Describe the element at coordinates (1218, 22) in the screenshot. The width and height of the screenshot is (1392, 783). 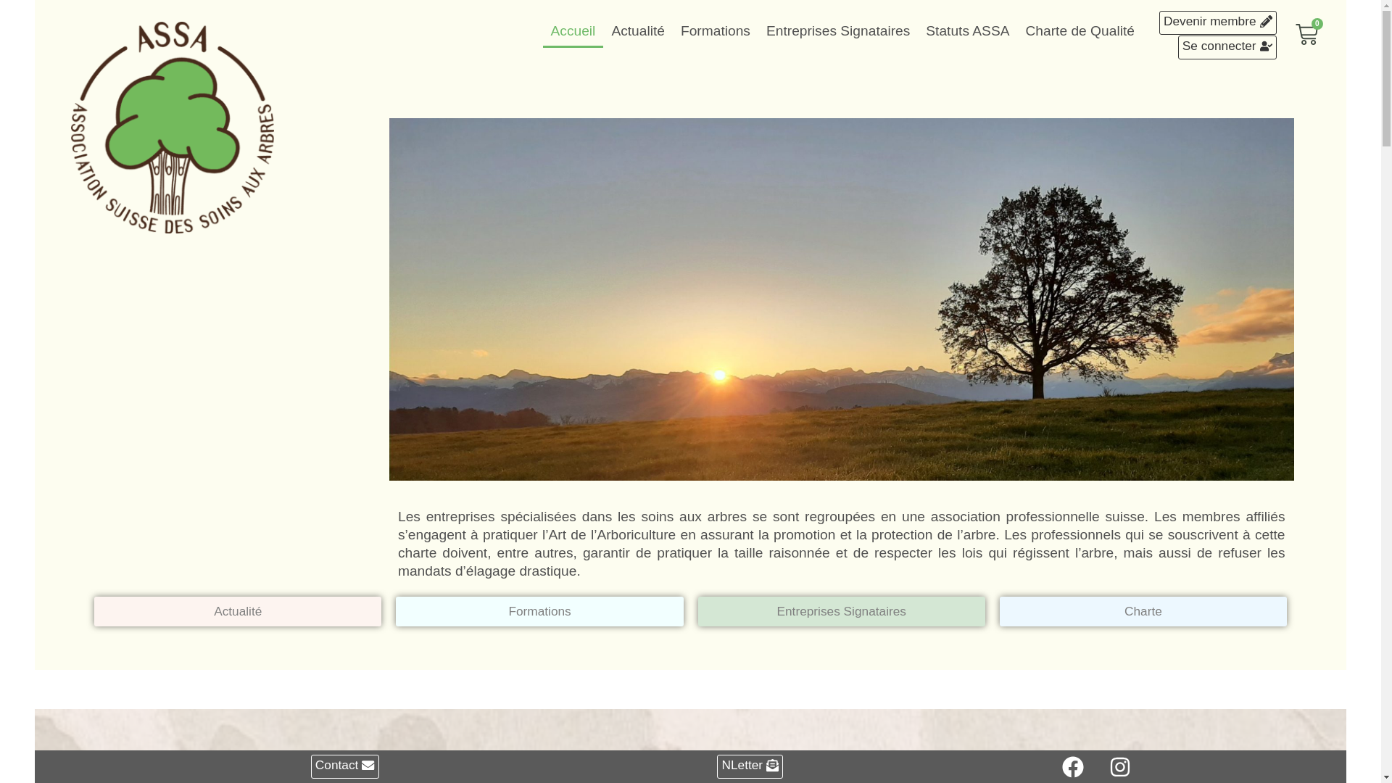
I see `'Devenir membre'` at that location.